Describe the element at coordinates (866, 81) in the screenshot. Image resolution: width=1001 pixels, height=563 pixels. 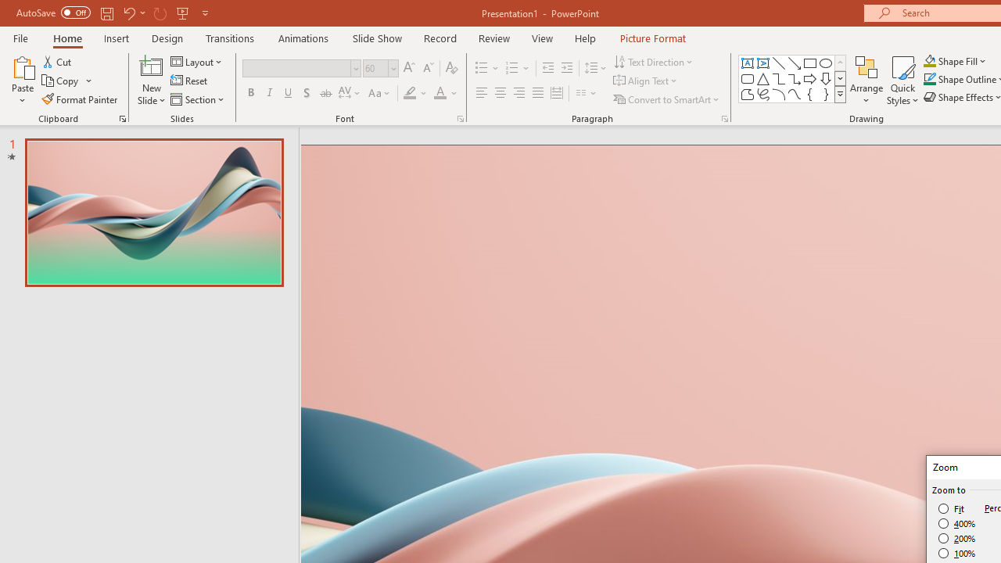
I see `'Arrange'` at that location.